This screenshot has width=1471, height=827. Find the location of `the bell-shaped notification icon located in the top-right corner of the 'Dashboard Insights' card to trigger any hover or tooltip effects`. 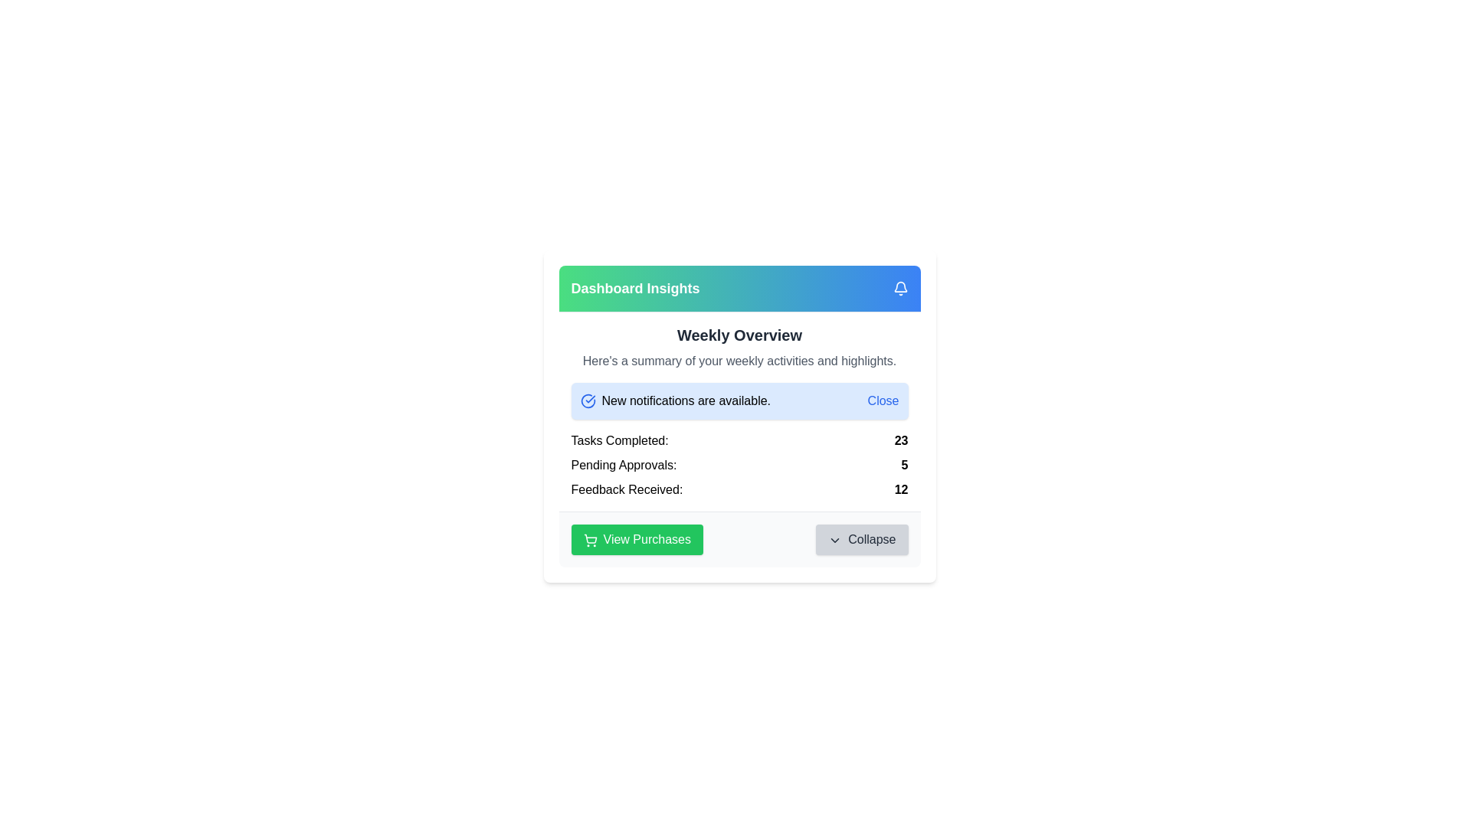

the bell-shaped notification icon located in the top-right corner of the 'Dashboard Insights' card to trigger any hover or tooltip effects is located at coordinates (900, 286).